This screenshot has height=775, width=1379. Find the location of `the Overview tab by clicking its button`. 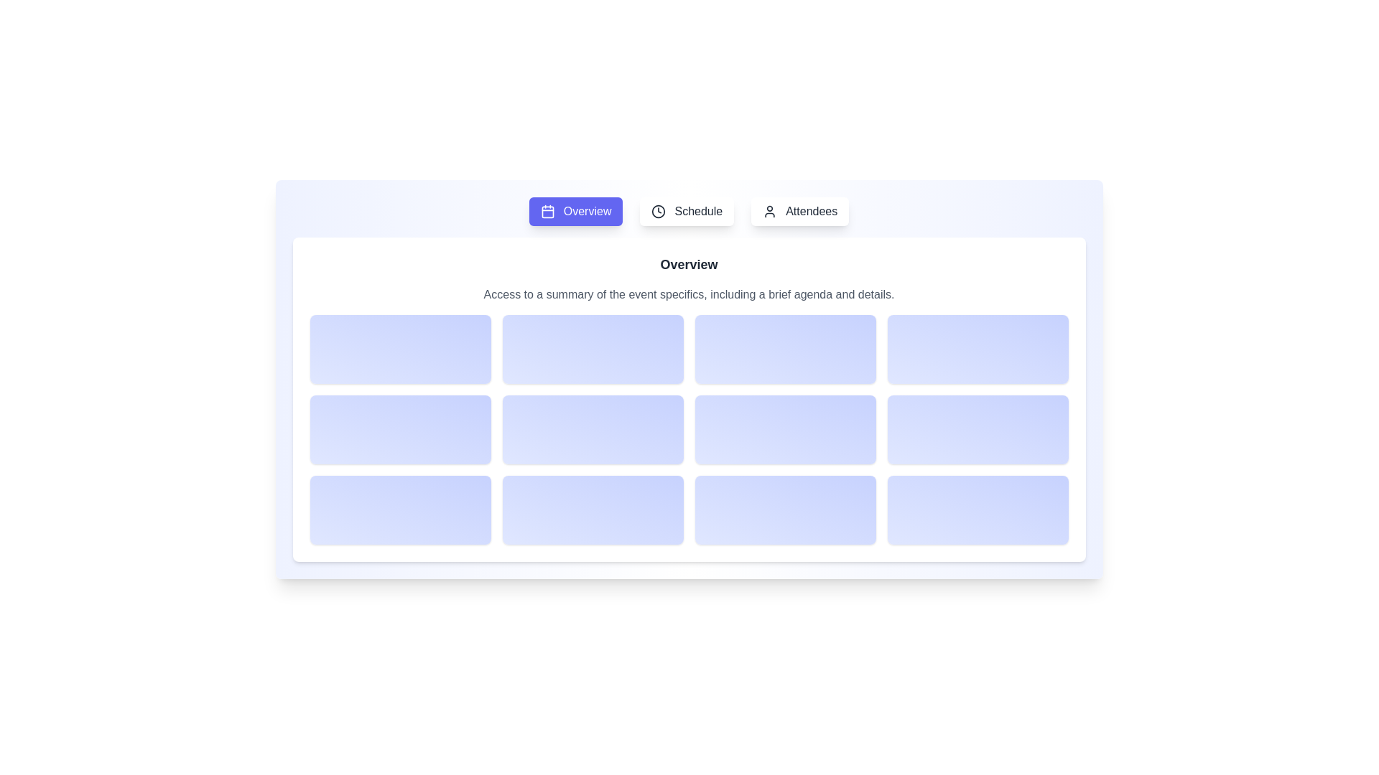

the Overview tab by clicking its button is located at coordinates (575, 211).